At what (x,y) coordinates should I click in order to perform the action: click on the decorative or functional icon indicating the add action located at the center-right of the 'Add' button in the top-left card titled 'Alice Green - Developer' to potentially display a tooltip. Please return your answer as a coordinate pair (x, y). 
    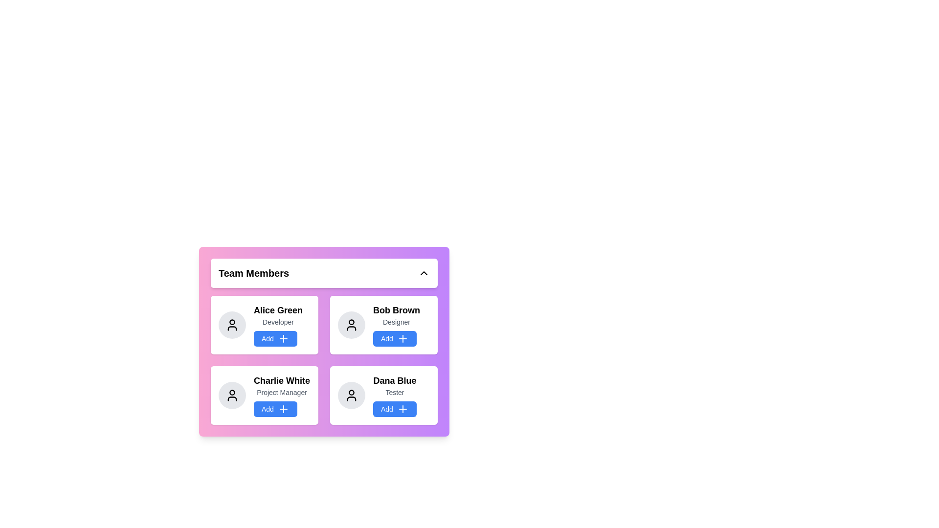
    Looking at the image, I should click on (283, 338).